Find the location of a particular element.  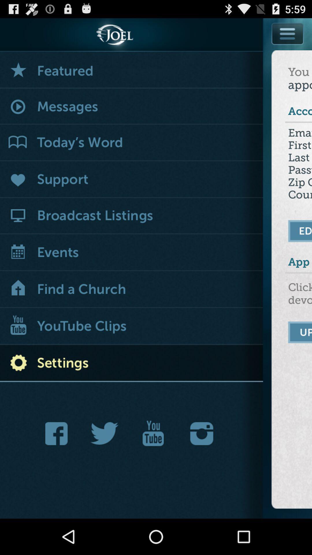

open sidebar is located at coordinates (288, 33).